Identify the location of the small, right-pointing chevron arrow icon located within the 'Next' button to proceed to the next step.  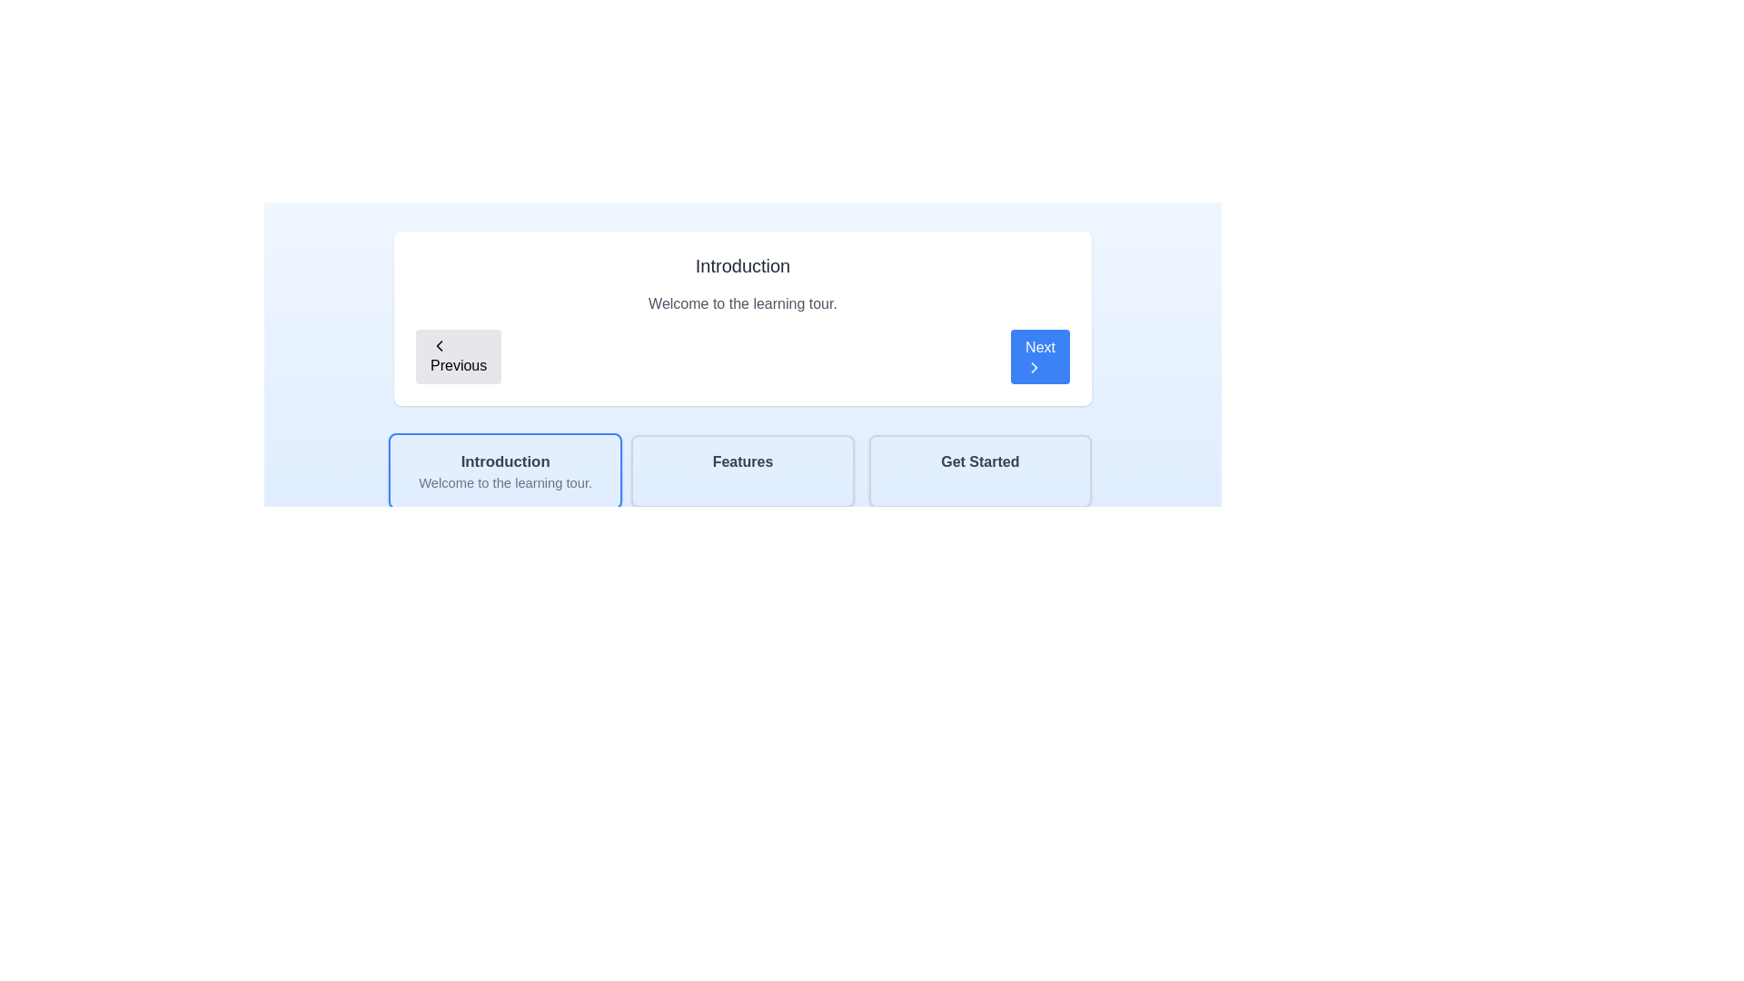
(1035, 368).